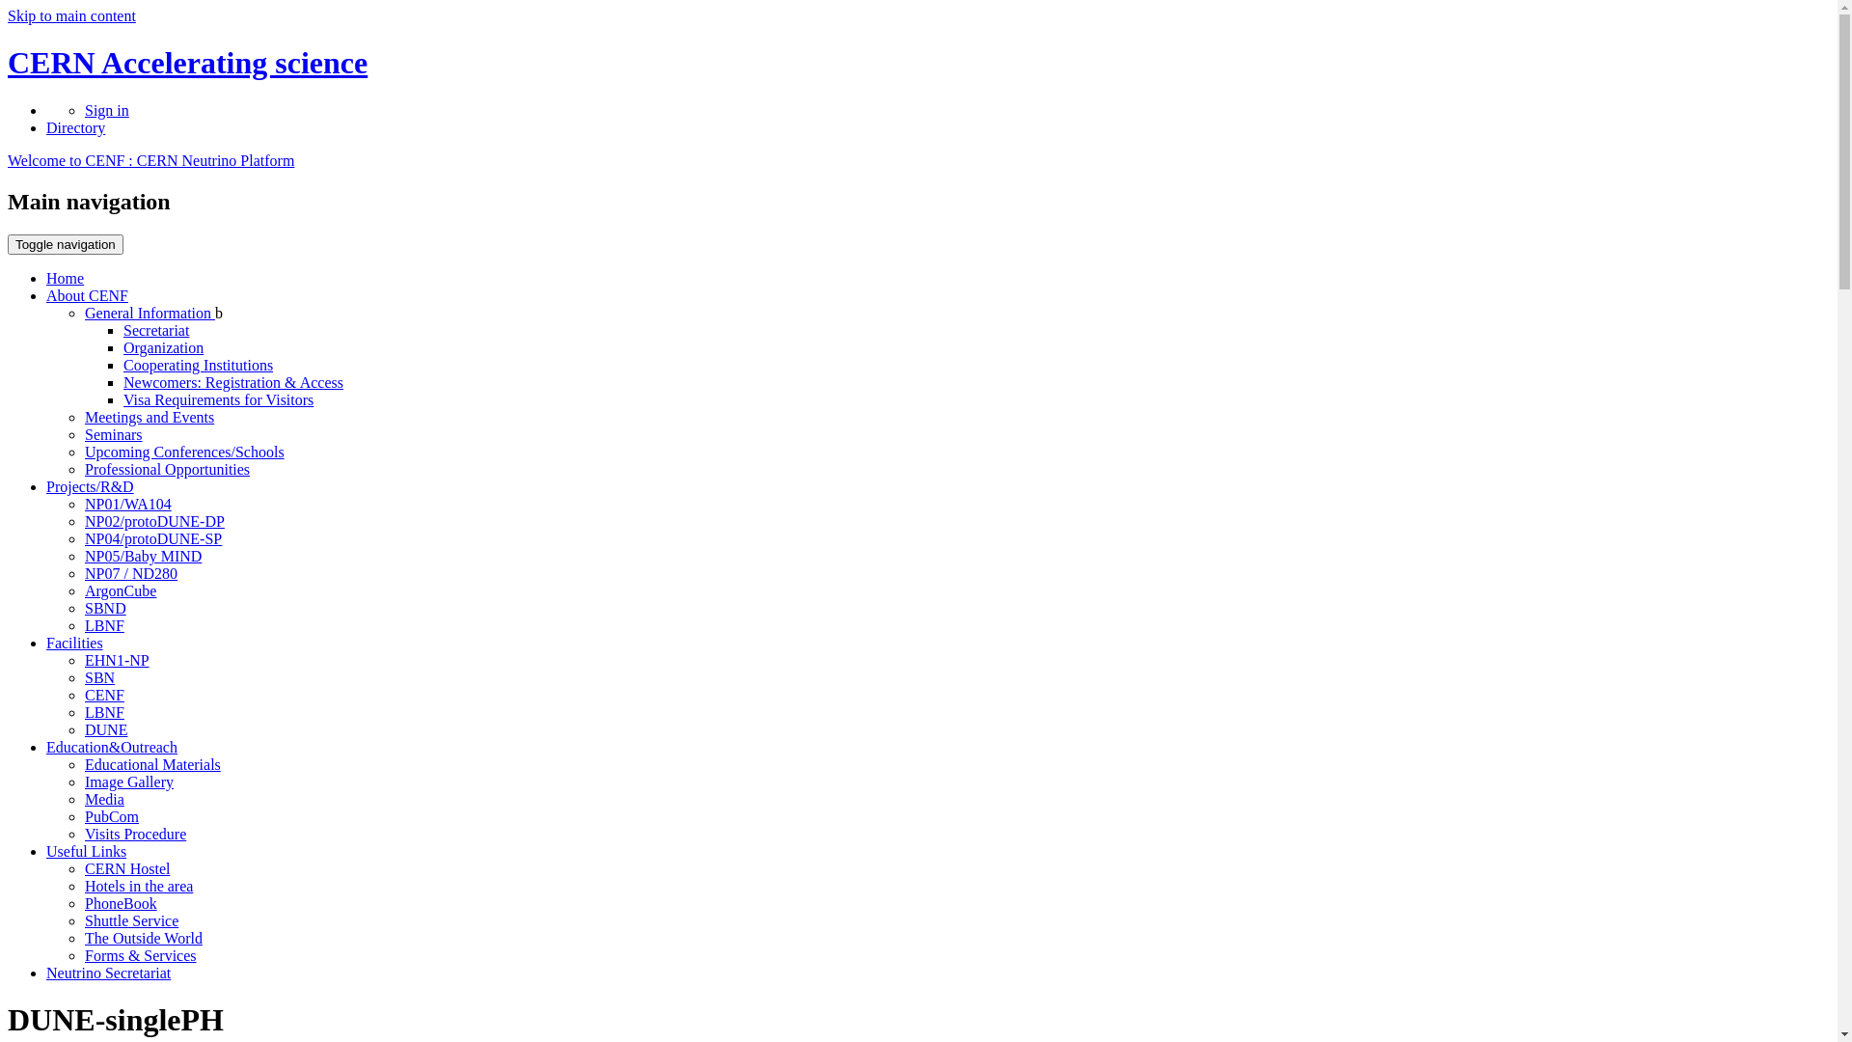 The image size is (1852, 1042). What do you see at coordinates (83, 590) in the screenshot?
I see `'ArgonCube'` at bounding box center [83, 590].